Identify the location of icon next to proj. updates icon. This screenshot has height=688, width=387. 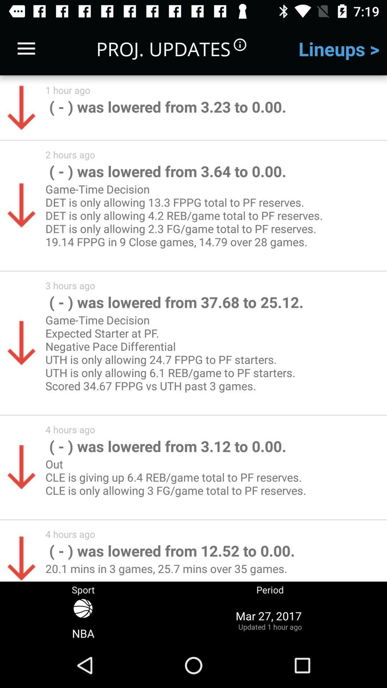
(26, 48).